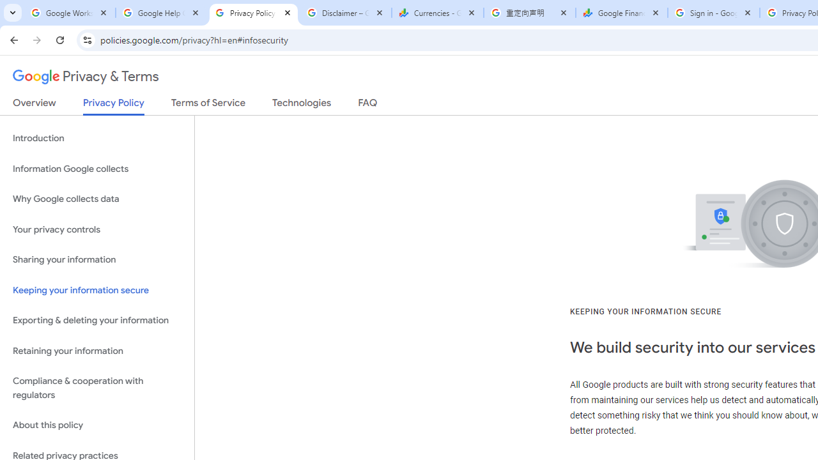 The image size is (818, 460). I want to click on 'Introduction', so click(96, 139).